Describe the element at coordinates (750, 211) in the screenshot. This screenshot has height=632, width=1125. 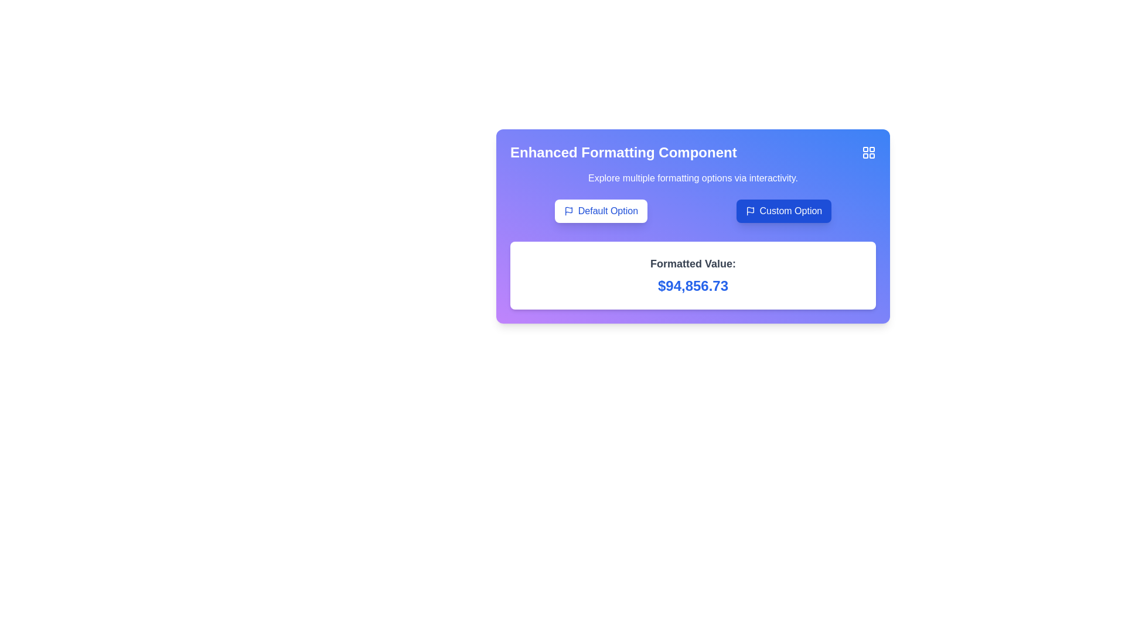
I see `the decorative icon within the 'Custom Option' button, which is positioned to the left of the button text and to the right of the 'Default Option' button` at that location.